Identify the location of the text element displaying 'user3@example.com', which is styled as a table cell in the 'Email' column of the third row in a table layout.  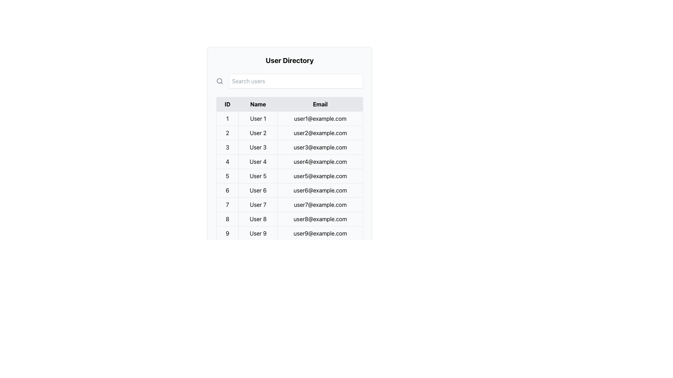
(320, 147).